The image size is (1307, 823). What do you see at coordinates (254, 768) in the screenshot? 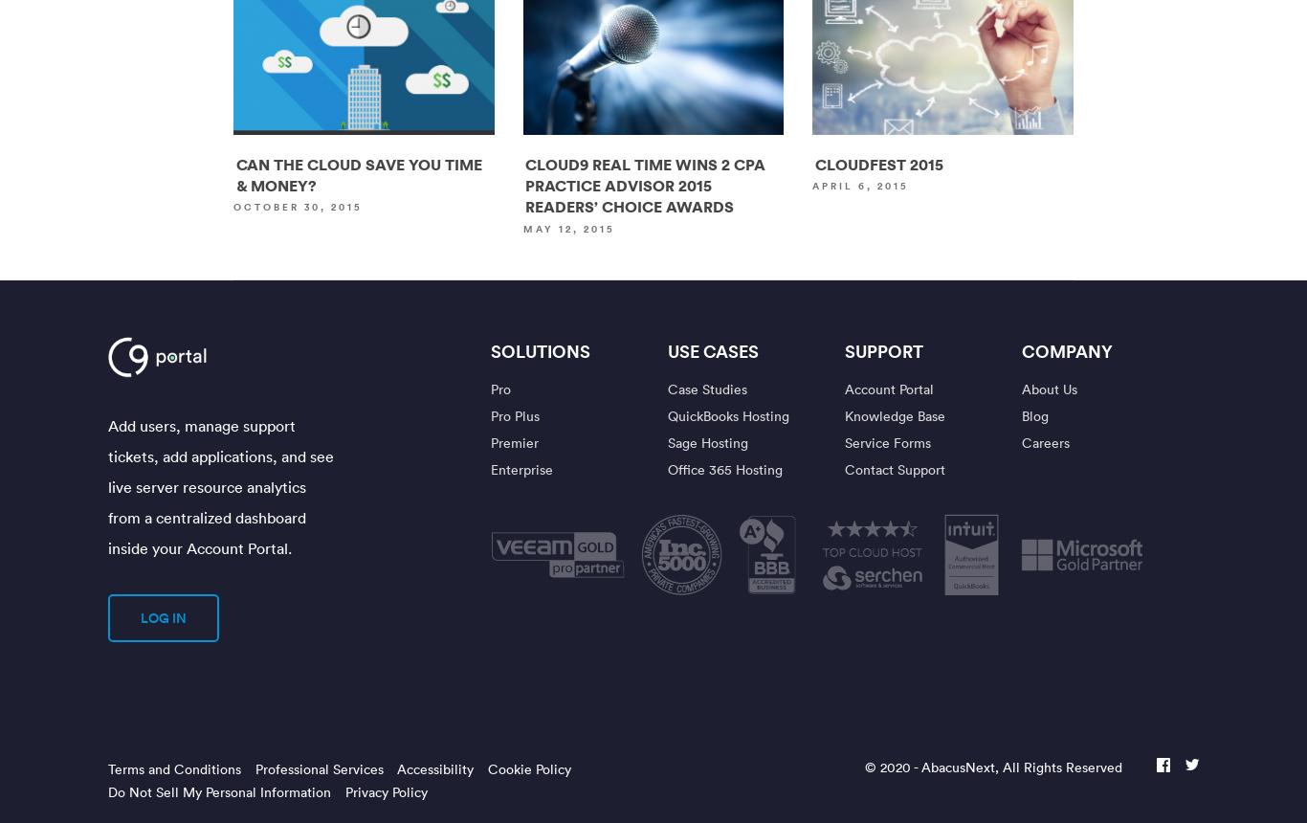
I see `'Professional Services'` at bounding box center [254, 768].